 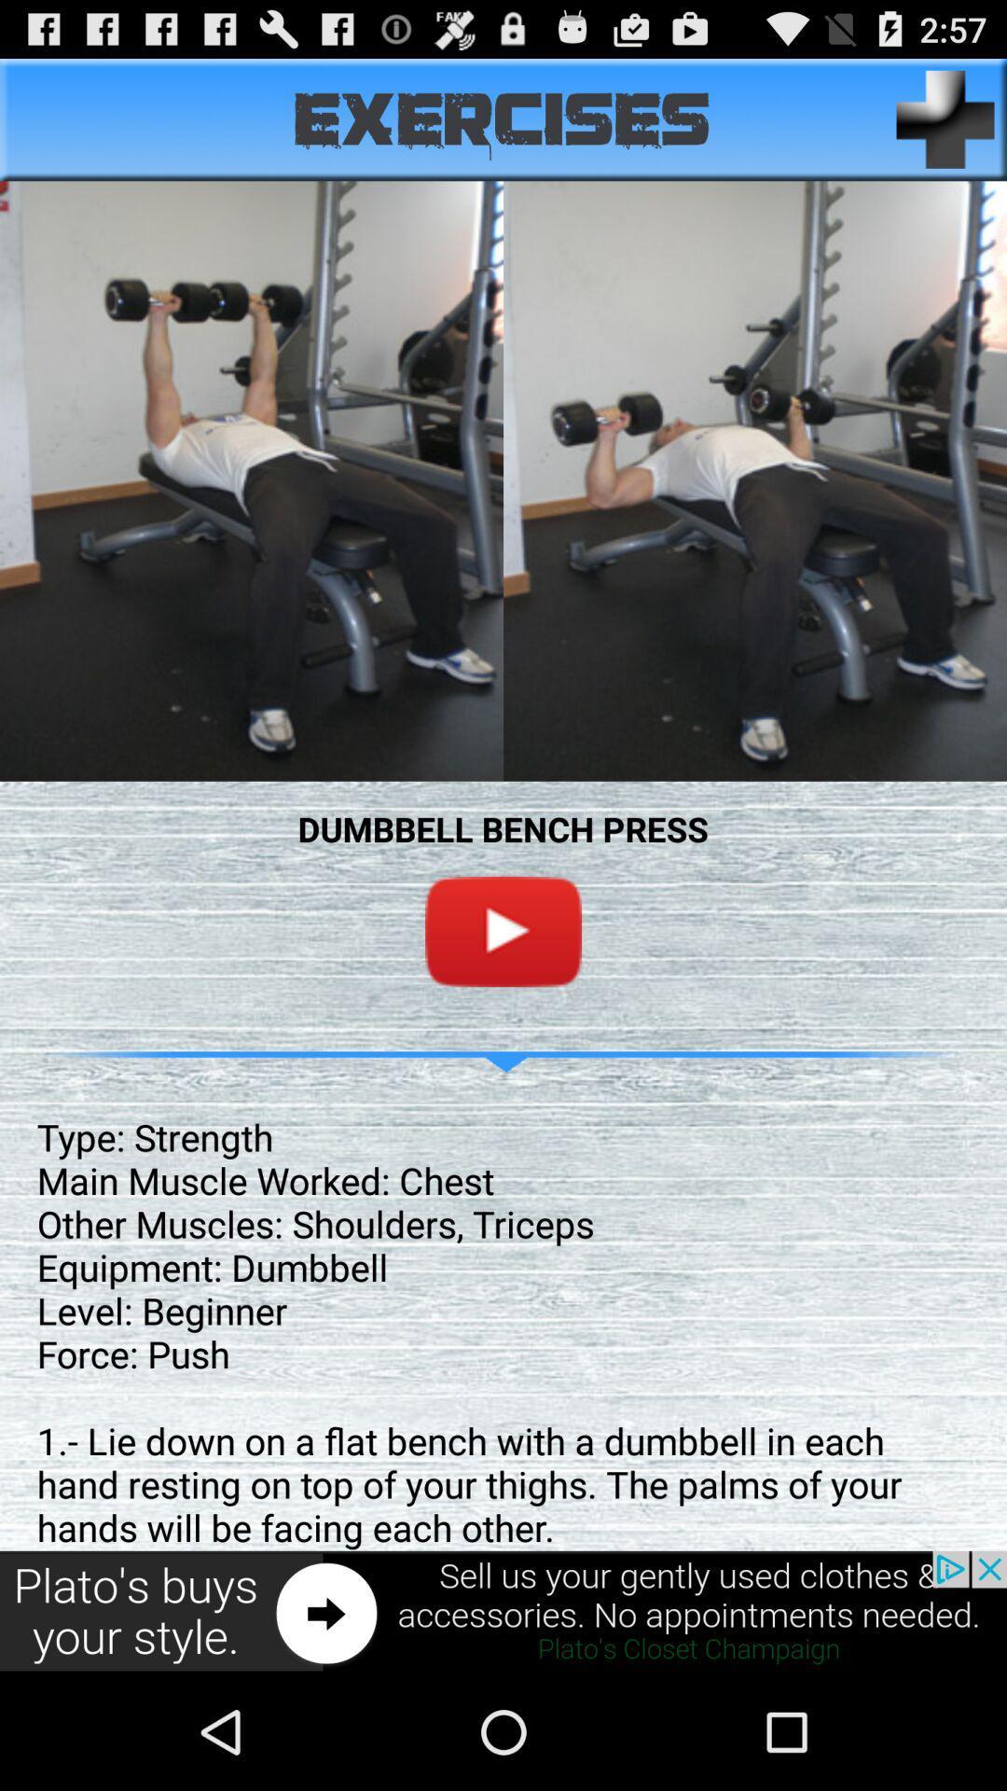 What do you see at coordinates (504, 931) in the screenshot?
I see `option` at bounding box center [504, 931].